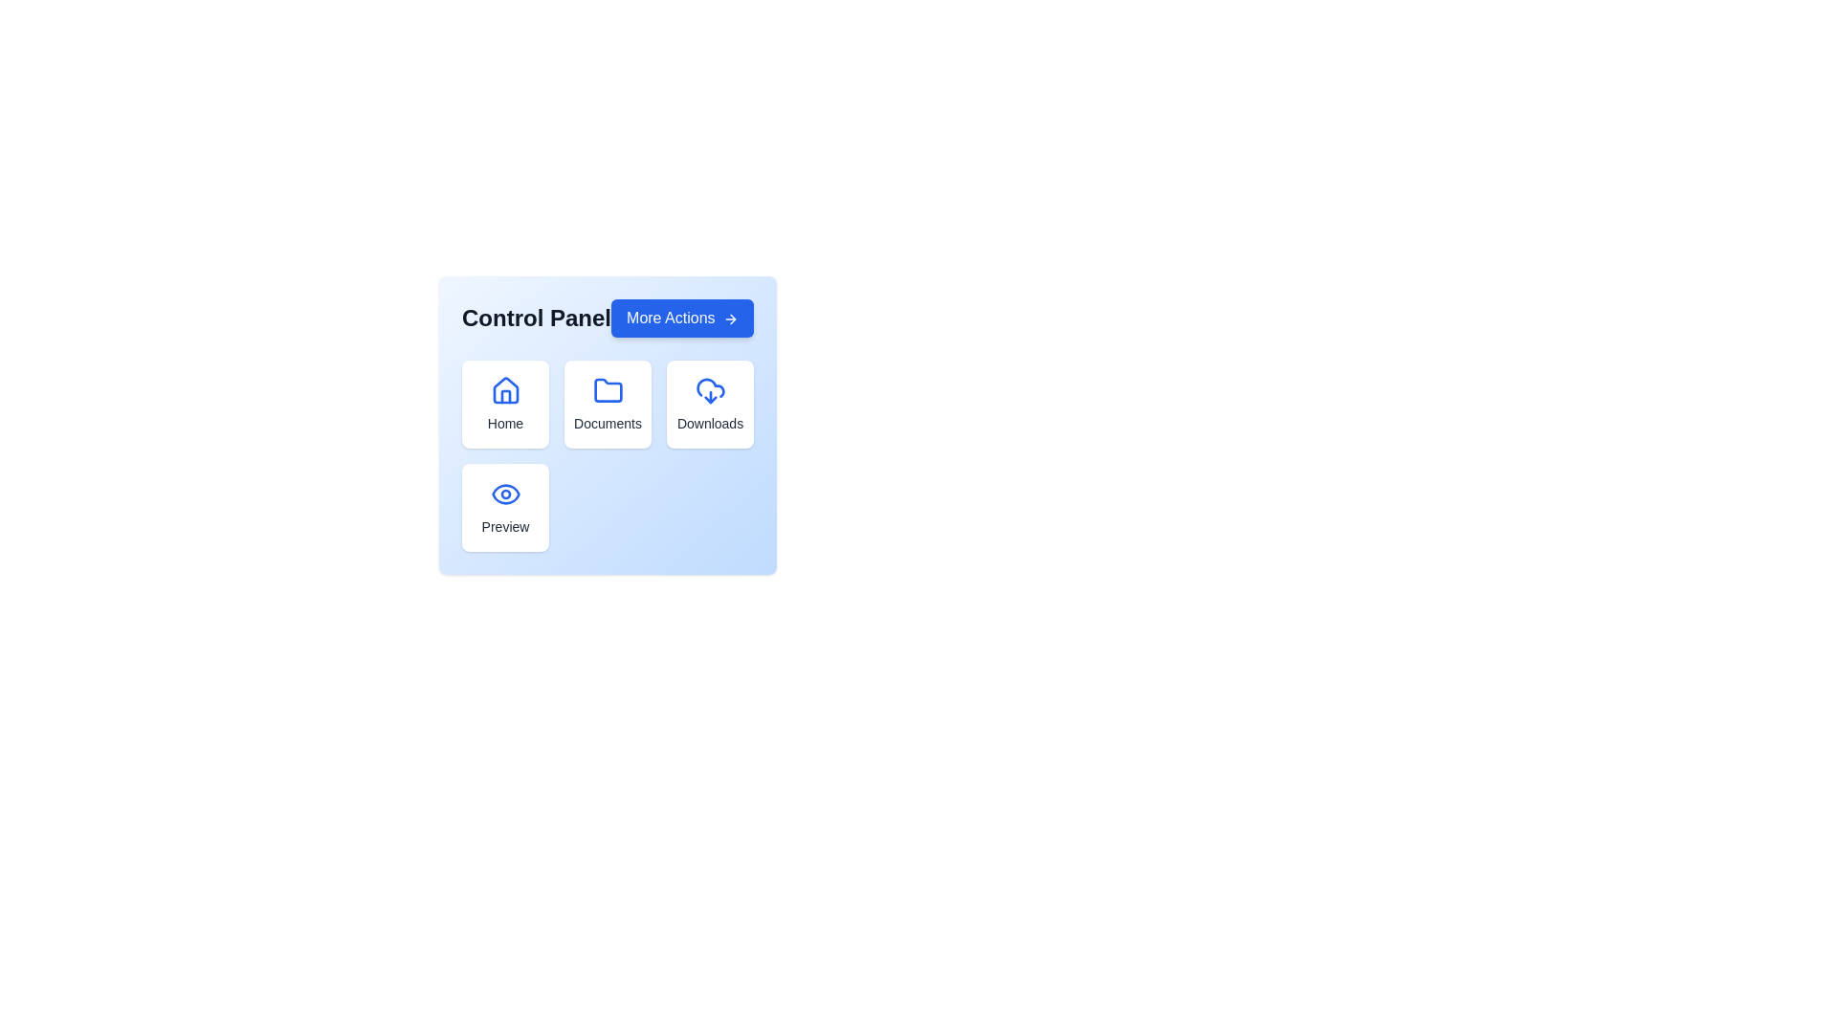  Describe the element at coordinates (536, 317) in the screenshot. I see `the Text Label that serves as a heading or title for the interface section, positioned on the left side and aligned horizontally with the 'More Actions' button` at that location.